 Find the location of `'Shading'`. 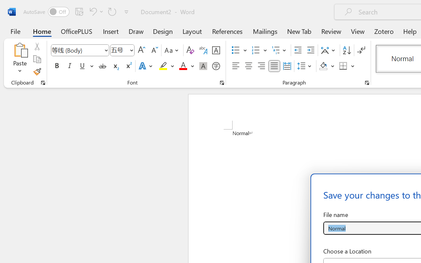

'Shading' is located at coordinates (327, 66).